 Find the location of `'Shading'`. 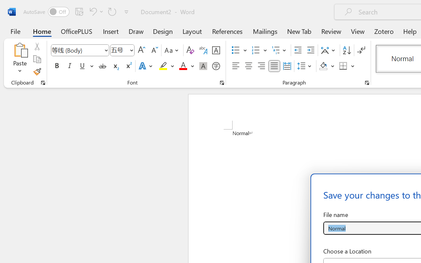

'Shading' is located at coordinates (327, 66).